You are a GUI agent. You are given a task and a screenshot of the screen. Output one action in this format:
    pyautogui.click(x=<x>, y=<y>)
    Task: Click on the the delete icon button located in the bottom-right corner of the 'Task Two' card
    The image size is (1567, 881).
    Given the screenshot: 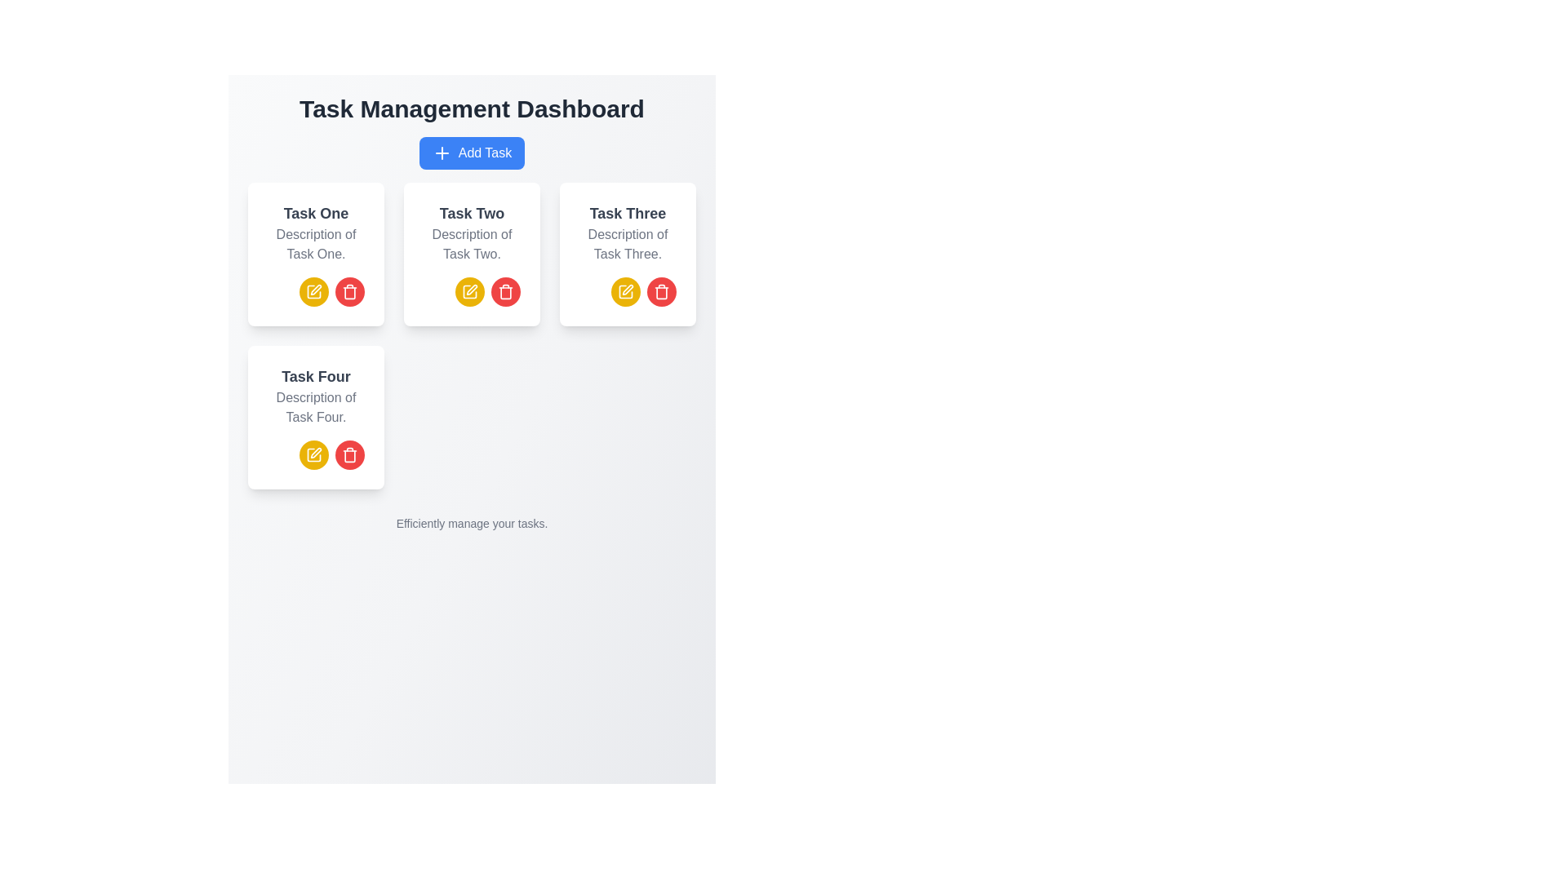 What is the action you would take?
    pyautogui.click(x=504, y=291)
    